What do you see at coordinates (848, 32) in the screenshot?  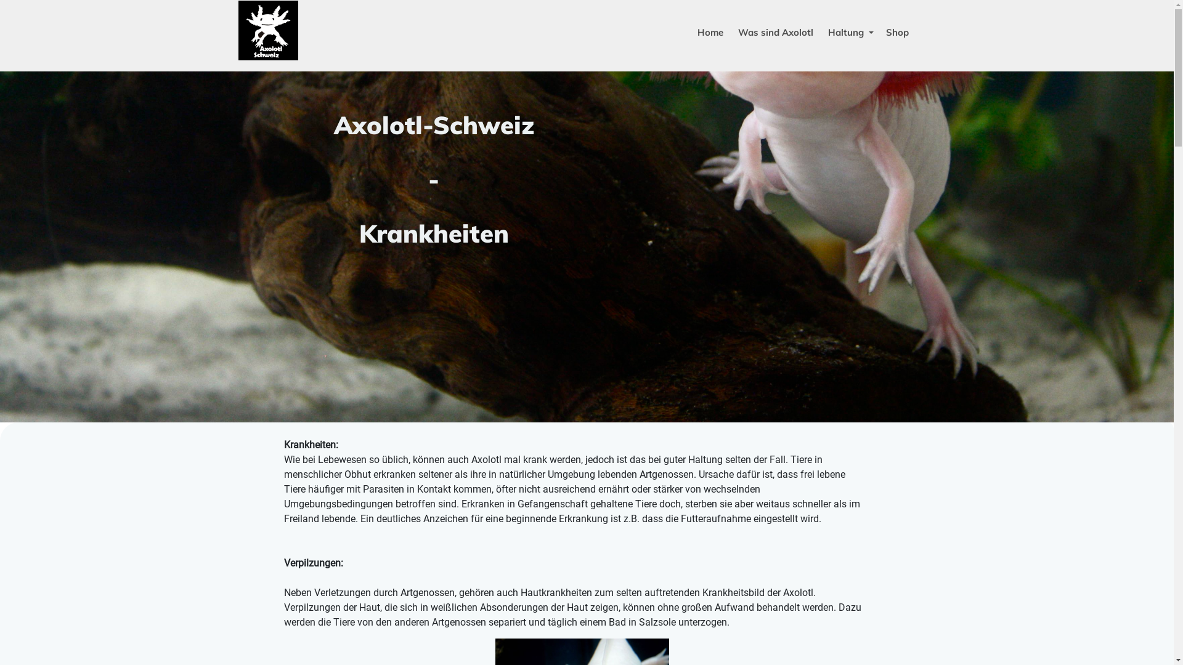 I see `'Haltung'` at bounding box center [848, 32].